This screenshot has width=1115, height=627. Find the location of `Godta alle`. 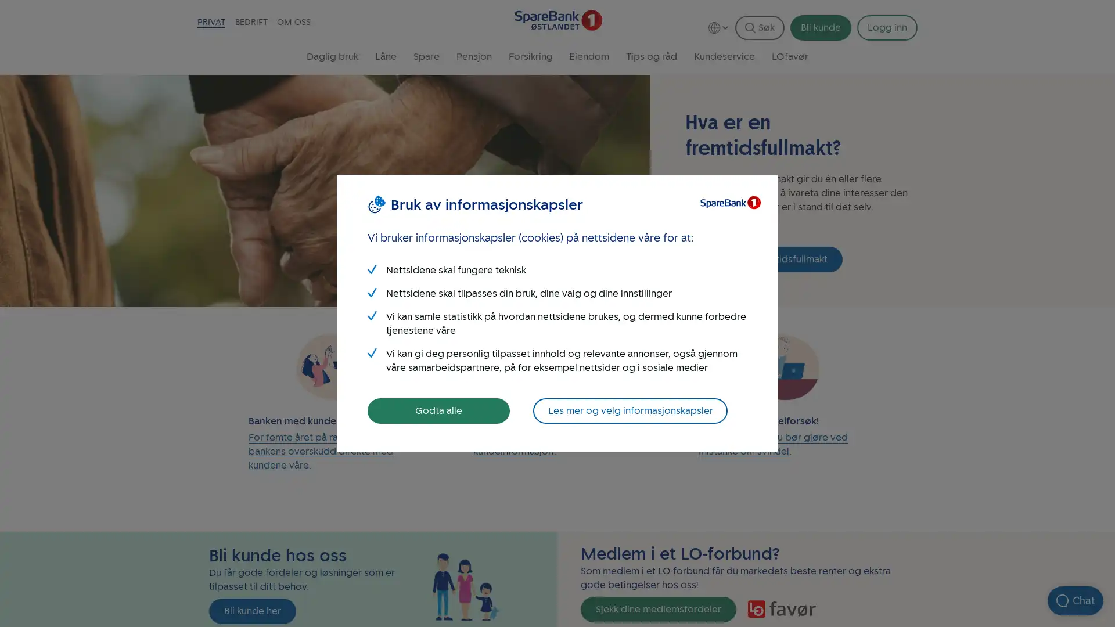

Godta alle is located at coordinates (438, 410).